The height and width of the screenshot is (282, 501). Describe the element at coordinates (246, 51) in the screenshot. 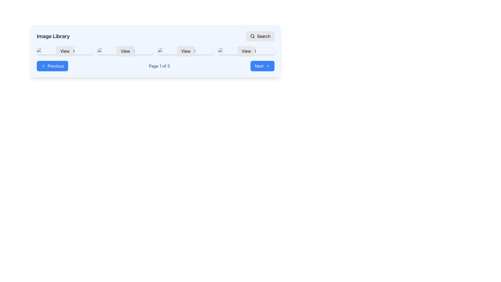

I see `the 'View' button, which is a rounded rectangle located in the last column of a four-column grid layout` at that location.